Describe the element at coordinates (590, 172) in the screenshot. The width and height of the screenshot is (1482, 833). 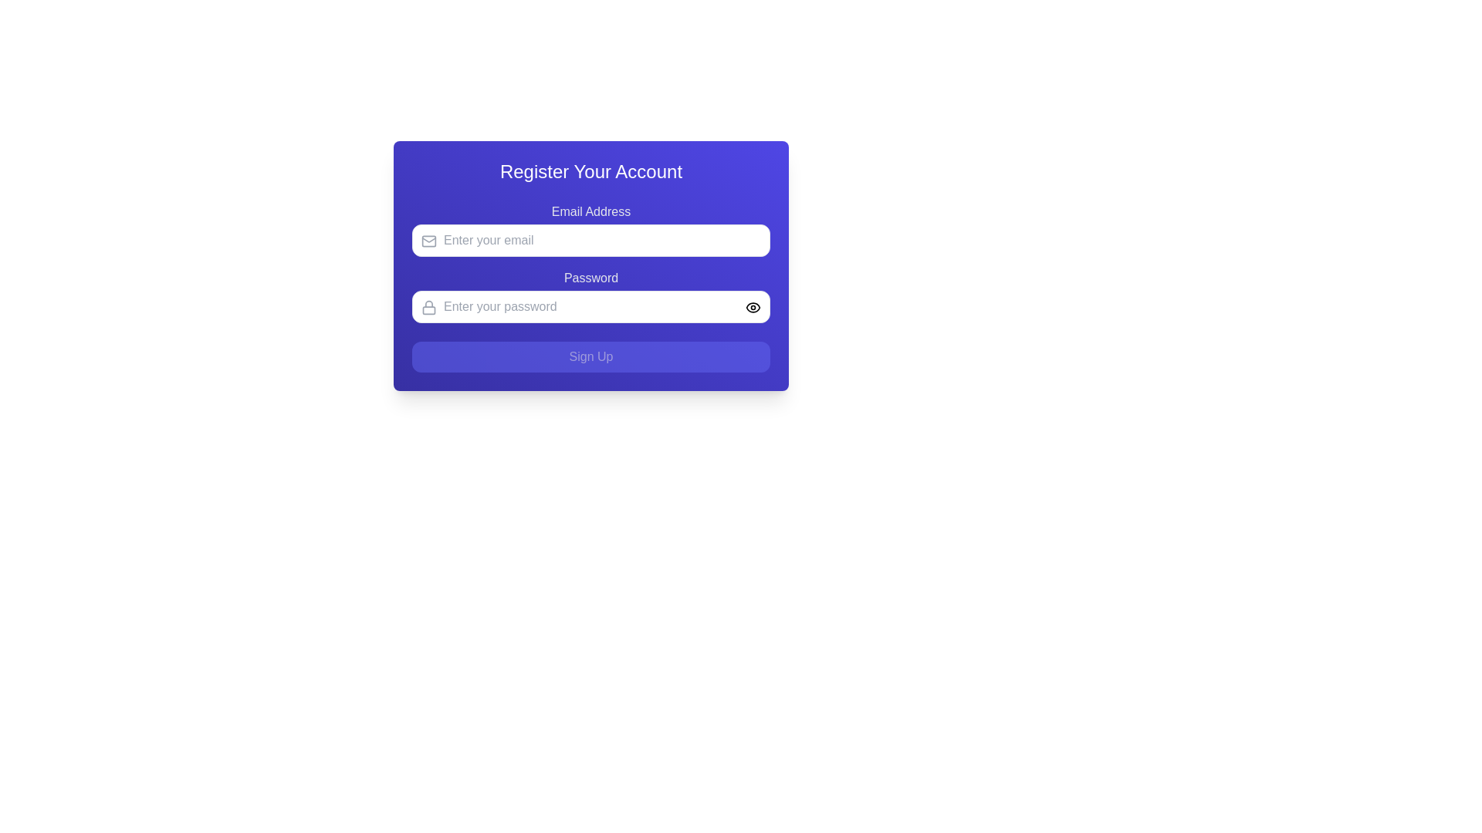
I see `the prominent heading text 'Register Your Account' which is styled with a large font size and white color, located at the top center of a card-like section with a gradient background` at that location.